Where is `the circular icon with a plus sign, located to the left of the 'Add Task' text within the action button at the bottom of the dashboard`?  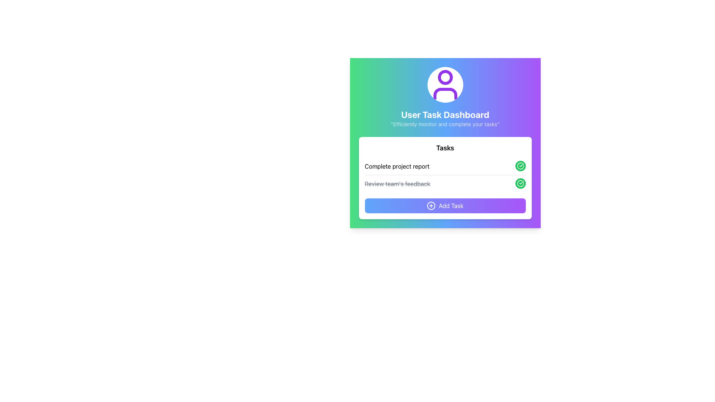
the circular icon with a plus sign, located to the left of the 'Add Task' text within the action button at the bottom of the dashboard is located at coordinates (431, 205).